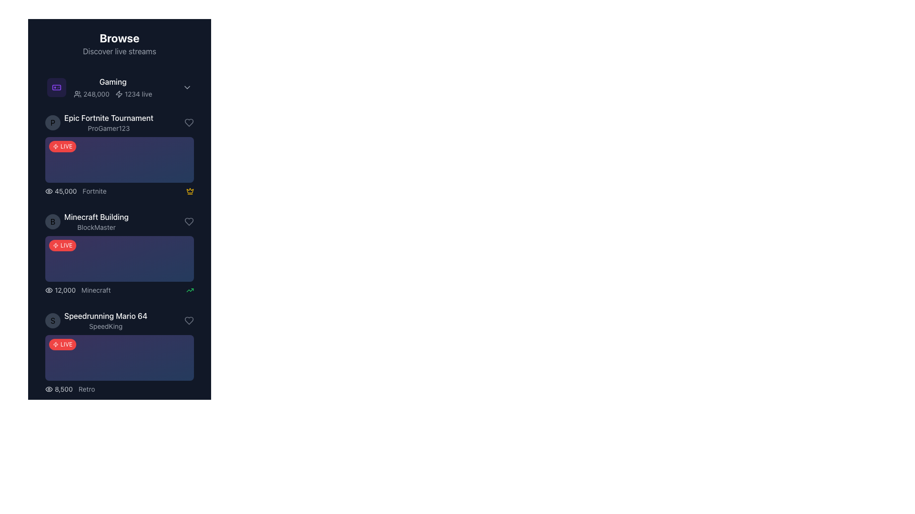 Image resolution: width=915 pixels, height=514 pixels. Describe the element at coordinates (70, 389) in the screenshot. I see `the text element displaying '8,500' followed by 'Retro' with an eye icon, located at the bottom of the last card under 'Speedrunning Mario 64'` at that location.